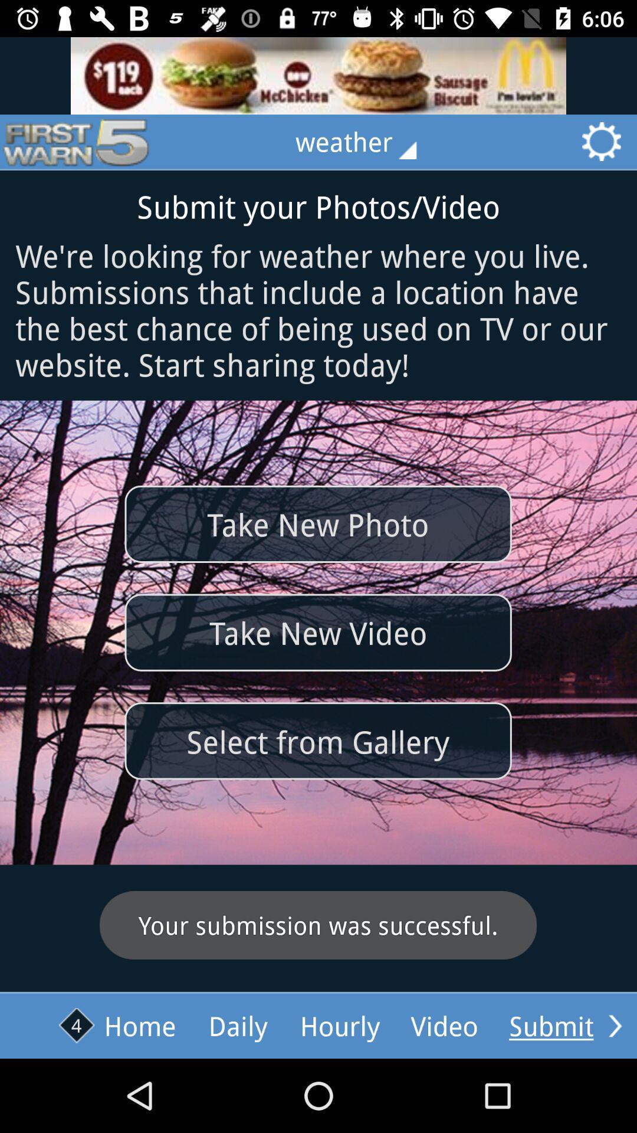 This screenshot has width=637, height=1133. I want to click on next option, so click(615, 1025).